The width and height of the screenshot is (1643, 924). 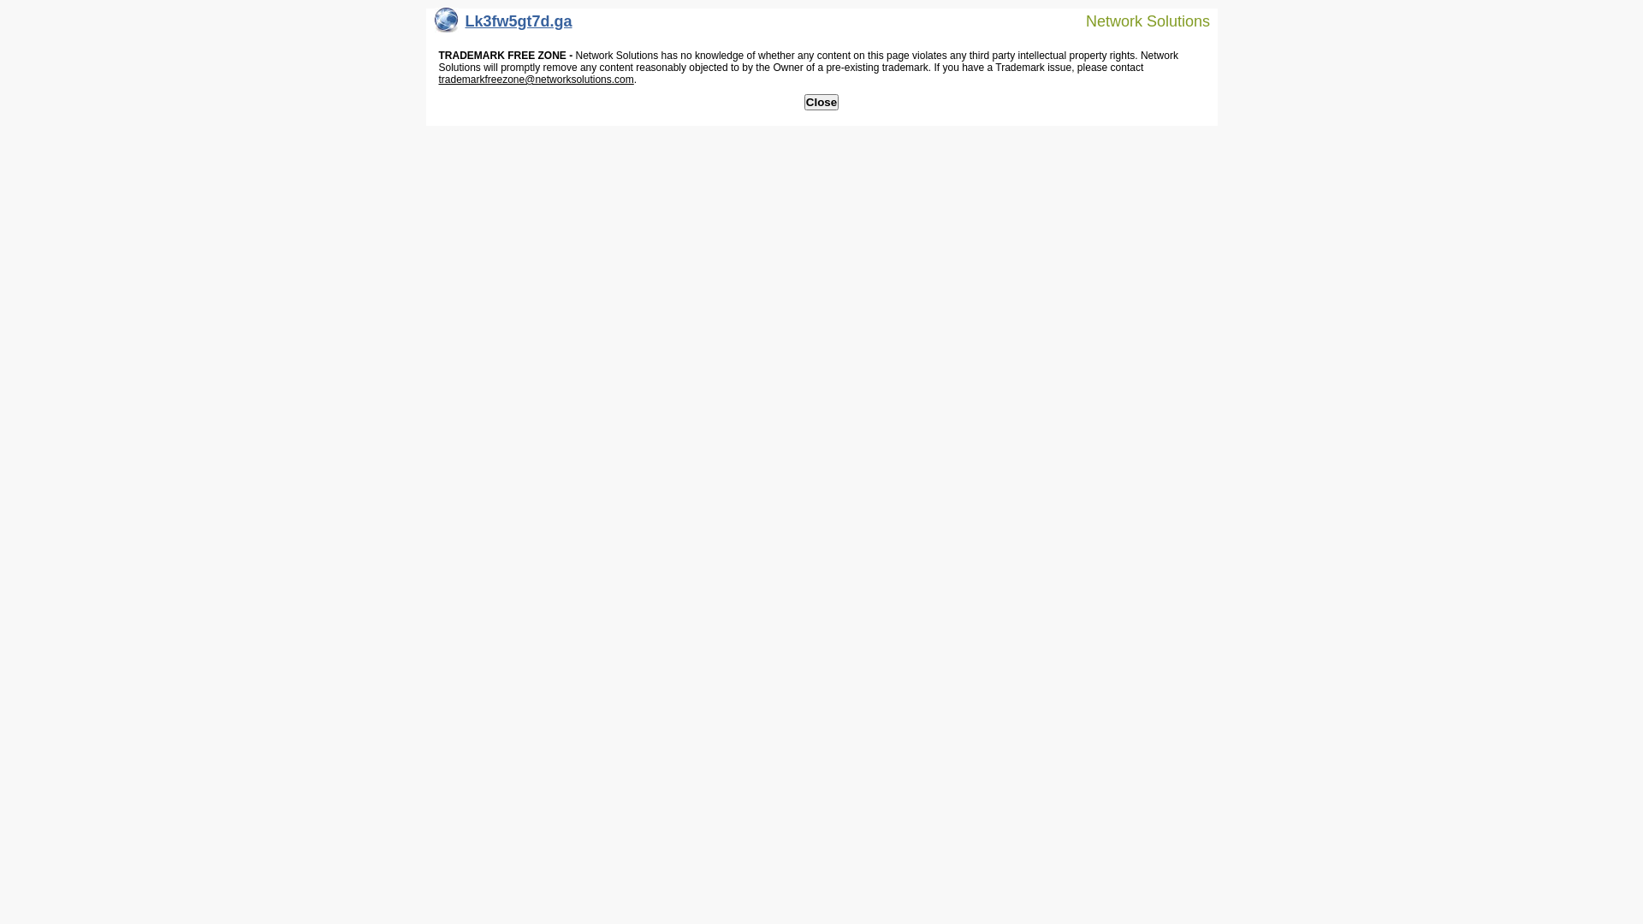 What do you see at coordinates (821, 102) in the screenshot?
I see `'Close'` at bounding box center [821, 102].